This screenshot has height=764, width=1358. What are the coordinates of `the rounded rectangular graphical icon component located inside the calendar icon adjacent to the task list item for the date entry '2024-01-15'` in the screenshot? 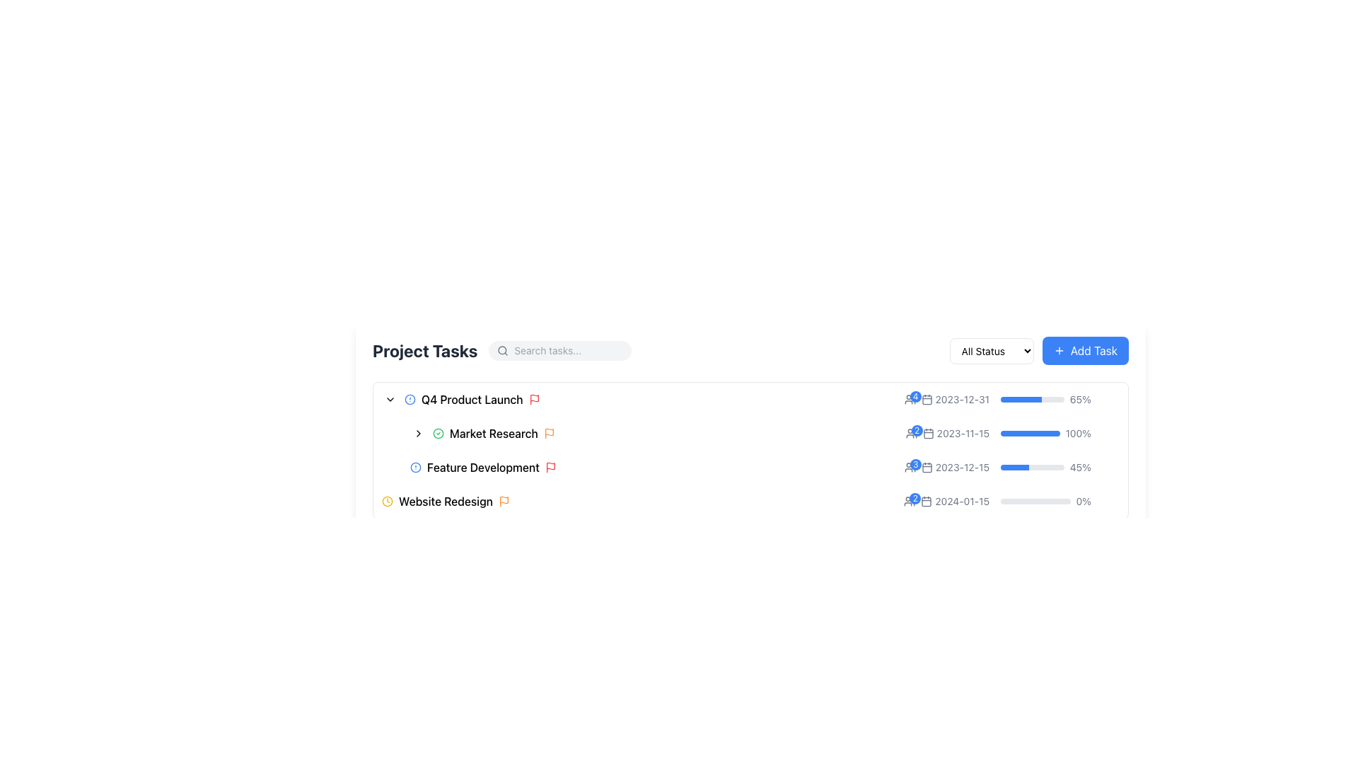 It's located at (927, 501).